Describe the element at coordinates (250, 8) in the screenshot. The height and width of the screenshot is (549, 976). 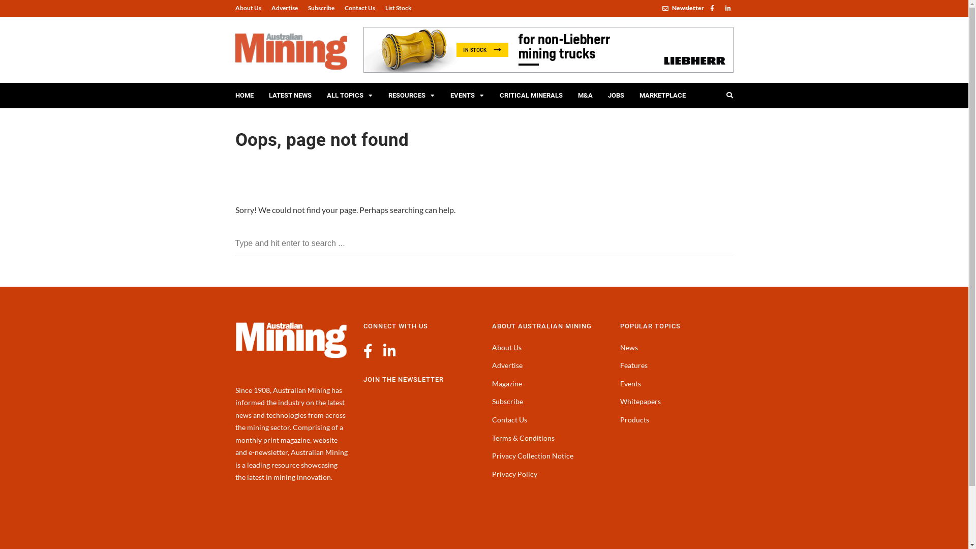
I see `'About Us'` at that location.